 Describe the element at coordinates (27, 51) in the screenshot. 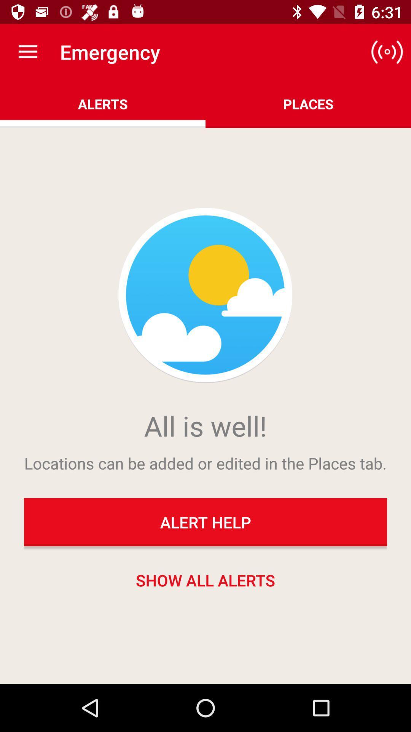

I see `icon to the left of emergency icon` at that location.